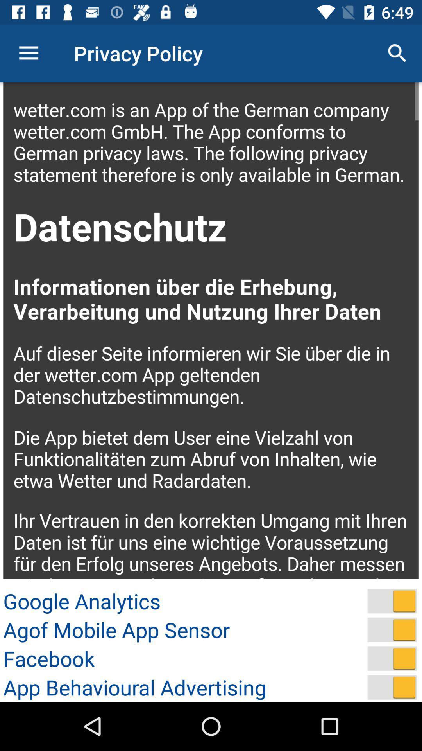 The height and width of the screenshot is (751, 422). What do you see at coordinates (392, 687) in the screenshot?
I see `click the add` at bounding box center [392, 687].